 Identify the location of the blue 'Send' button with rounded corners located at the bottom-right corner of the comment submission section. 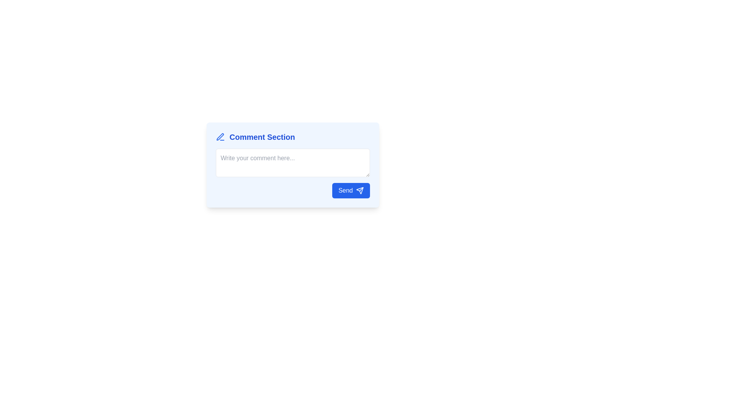
(350, 190).